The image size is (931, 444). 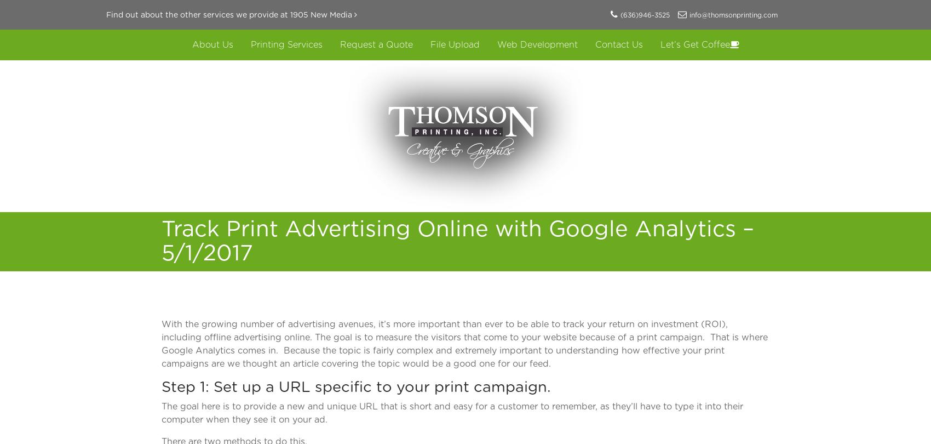 What do you see at coordinates (452, 412) in the screenshot?
I see `'The goal here is to provide a new and unique URL that is short and easy for a customer to remember, as they’ll have to type it into their computer when they see it on your ad.'` at bounding box center [452, 412].